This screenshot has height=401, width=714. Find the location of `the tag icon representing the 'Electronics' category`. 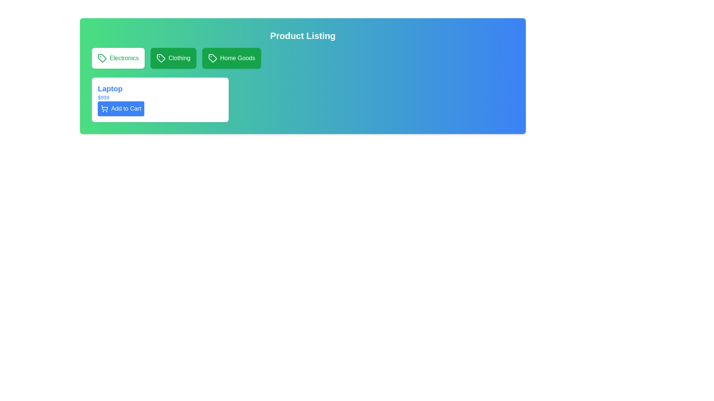

the tag icon representing the 'Electronics' category is located at coordinates (102, 58).